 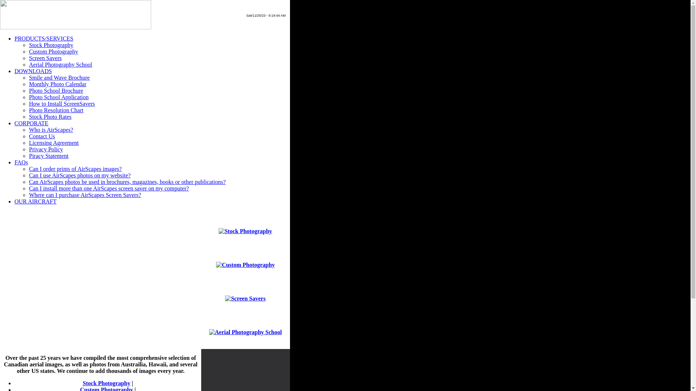 What do you see at coordinates (50, 129) in the screenshot?
I see `'Who is AirScapes?'` at bounding box center [50, 129].